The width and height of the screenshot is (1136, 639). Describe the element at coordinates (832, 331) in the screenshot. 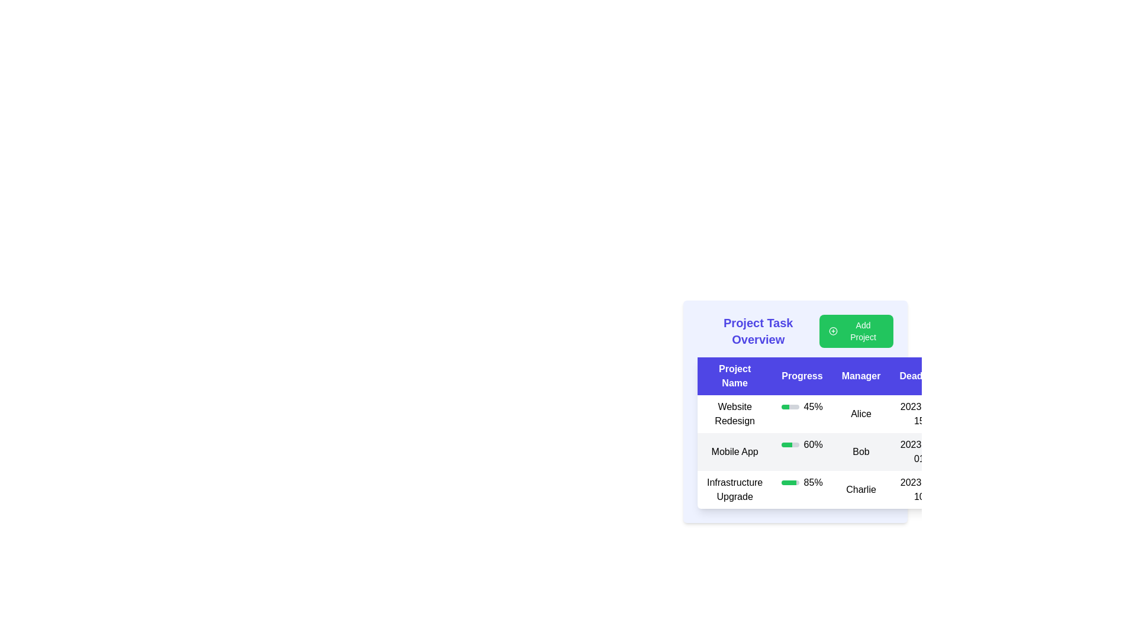

I see `the SVG icon next to the 'Add Project' button` at that location.